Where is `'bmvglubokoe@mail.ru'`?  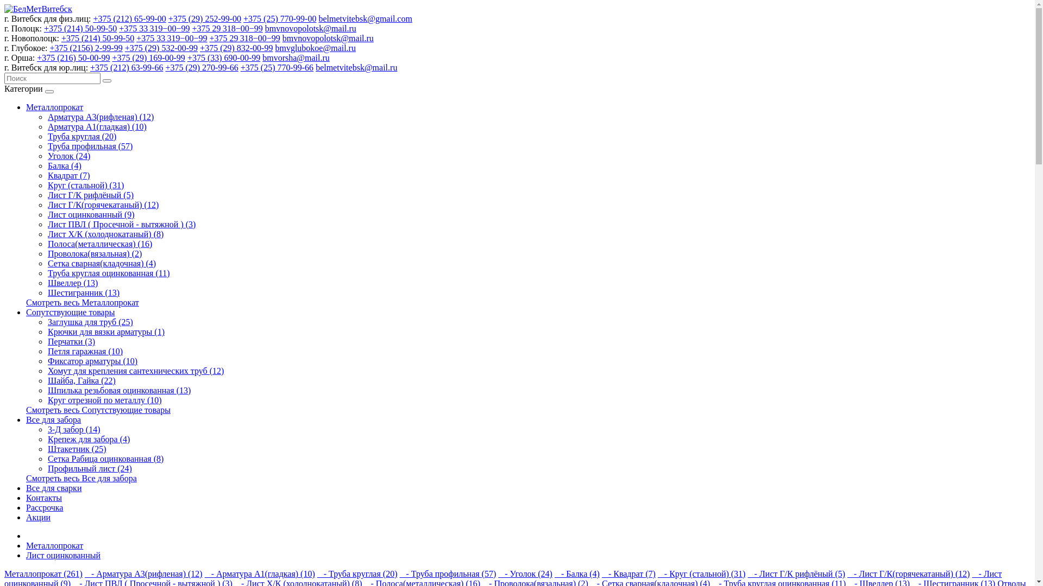
'bmvglubokoe@mail.ru' is located at coordinates (315, 47).